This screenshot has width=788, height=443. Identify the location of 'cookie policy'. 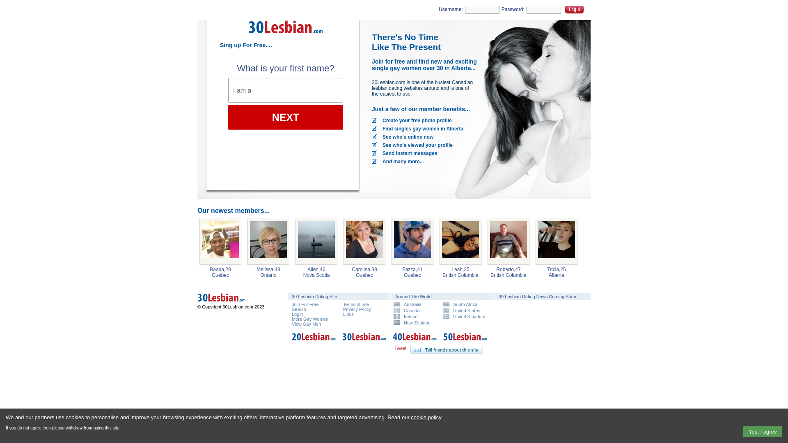
(426, 417).